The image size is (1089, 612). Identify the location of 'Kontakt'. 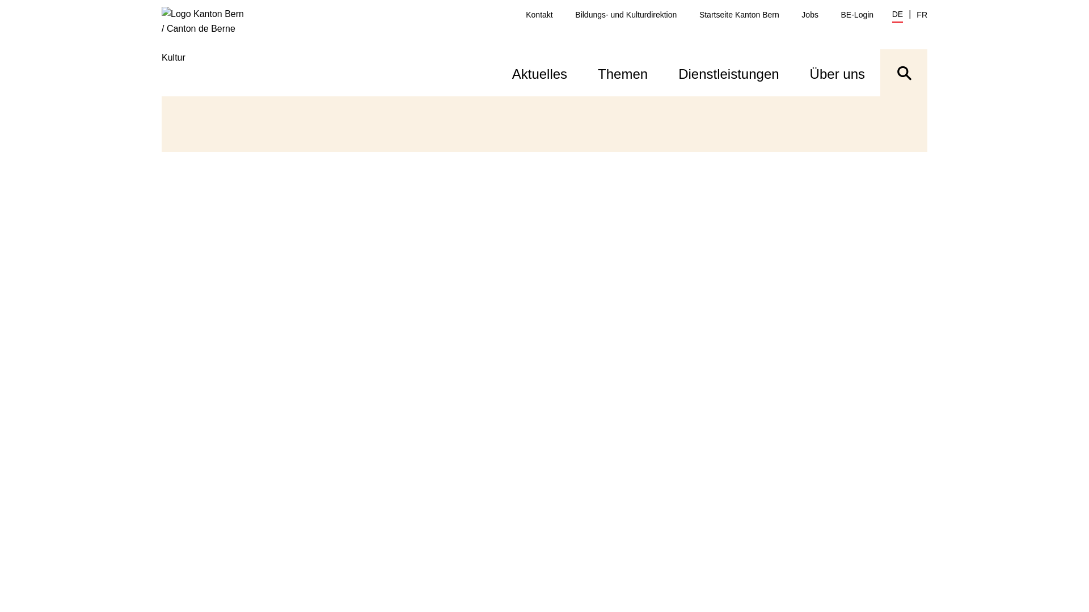
(538, 15).